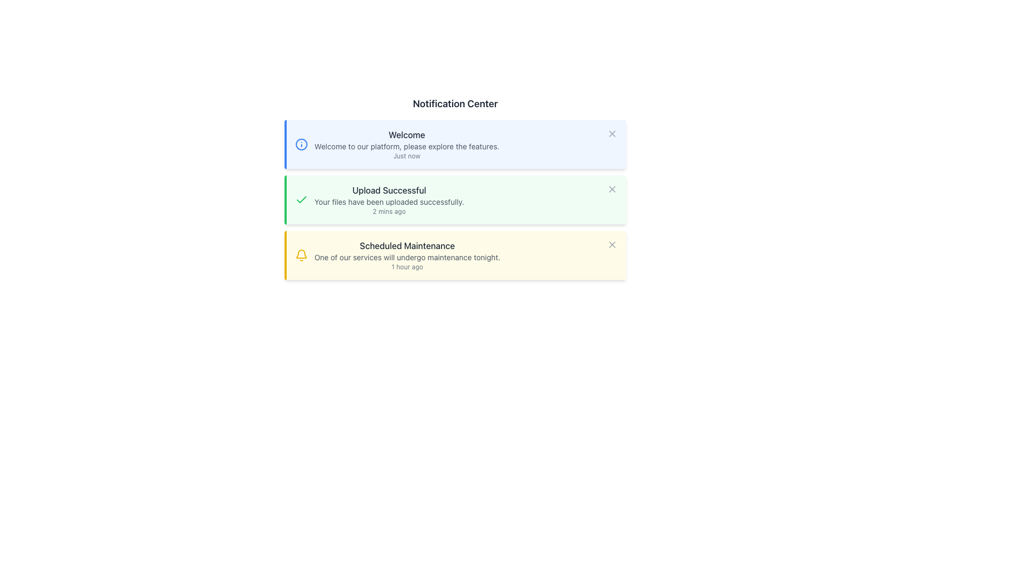  I want to click on the text block containing the title 'Welcome', which is the first notification in the Notification Center, so click(406, 144).